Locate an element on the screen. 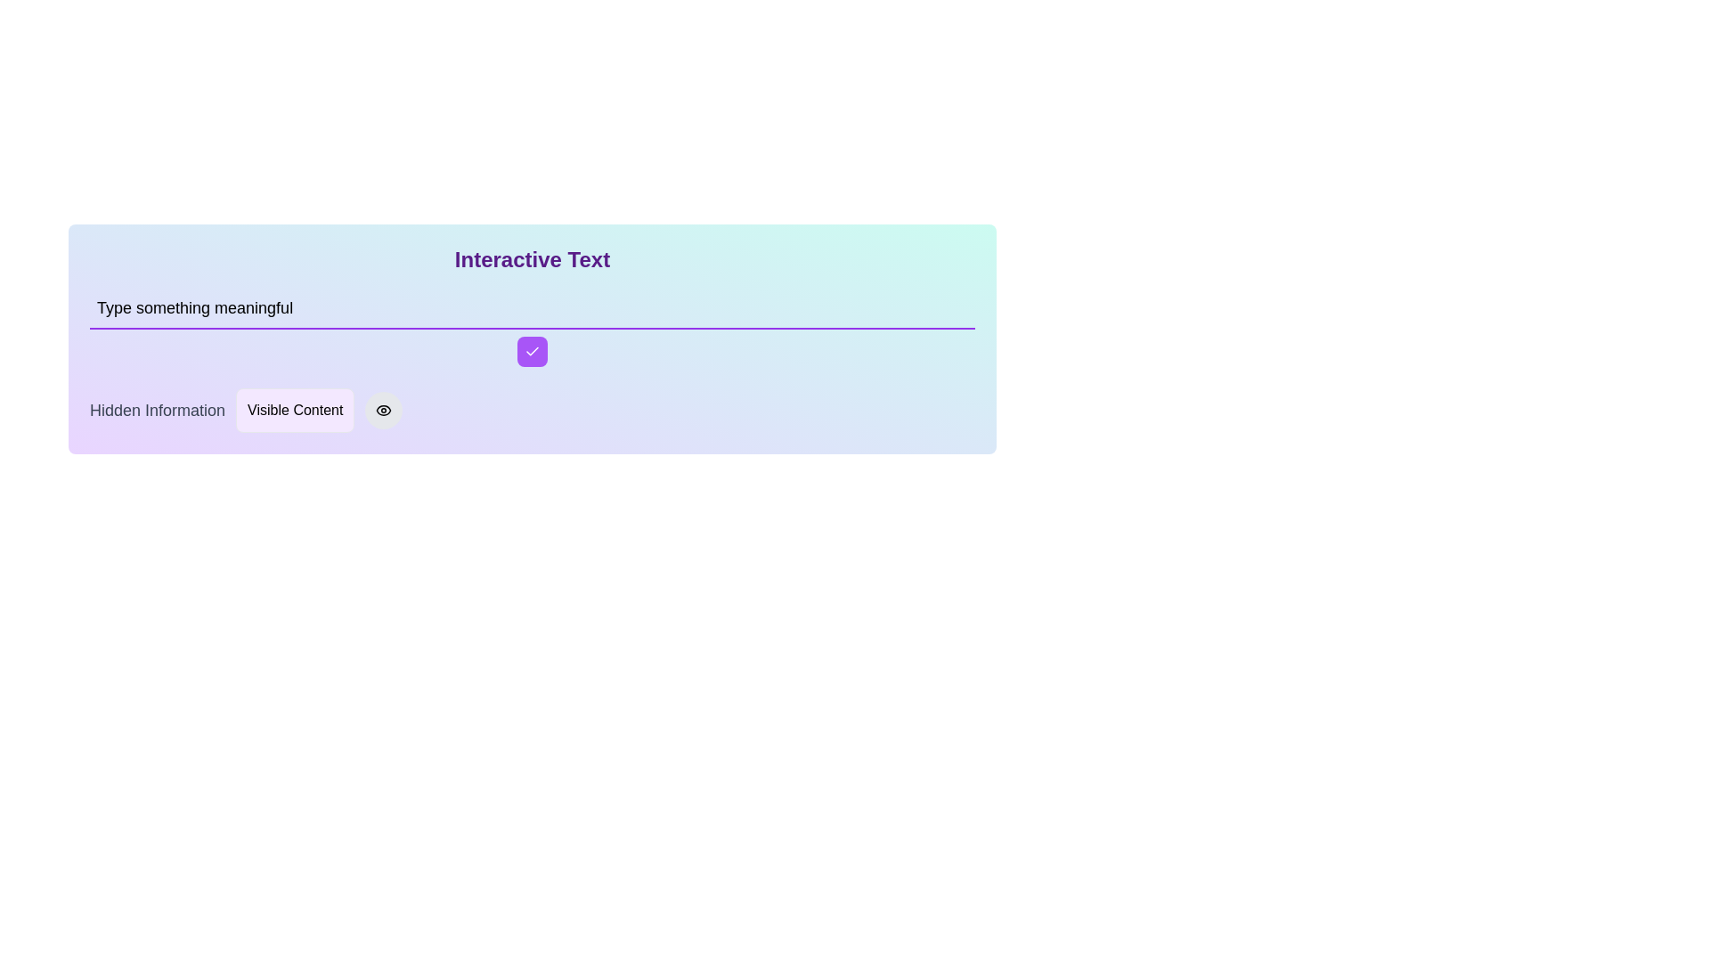  the visibility icon located at the far right of the icons in the 'Visible Content' area is located at coordinates (383, 411).